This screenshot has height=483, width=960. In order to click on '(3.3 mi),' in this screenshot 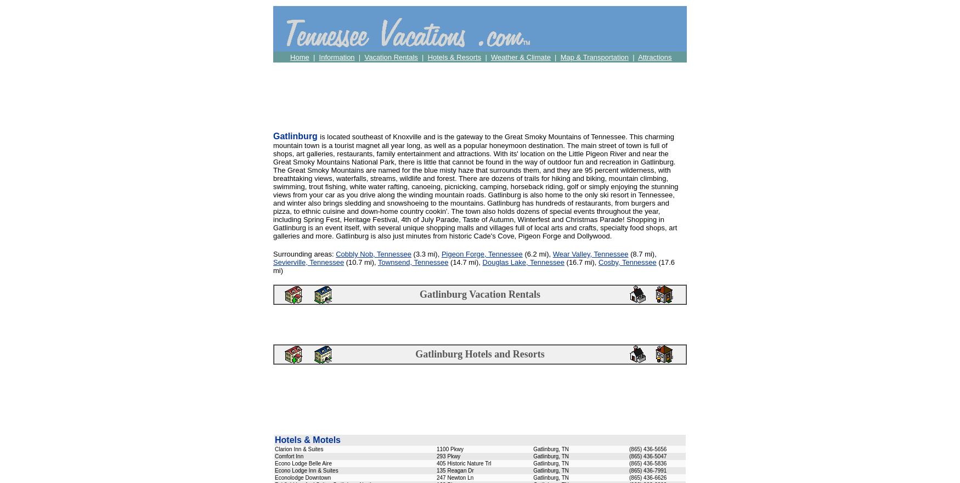, I will do `click(425, 254)`.